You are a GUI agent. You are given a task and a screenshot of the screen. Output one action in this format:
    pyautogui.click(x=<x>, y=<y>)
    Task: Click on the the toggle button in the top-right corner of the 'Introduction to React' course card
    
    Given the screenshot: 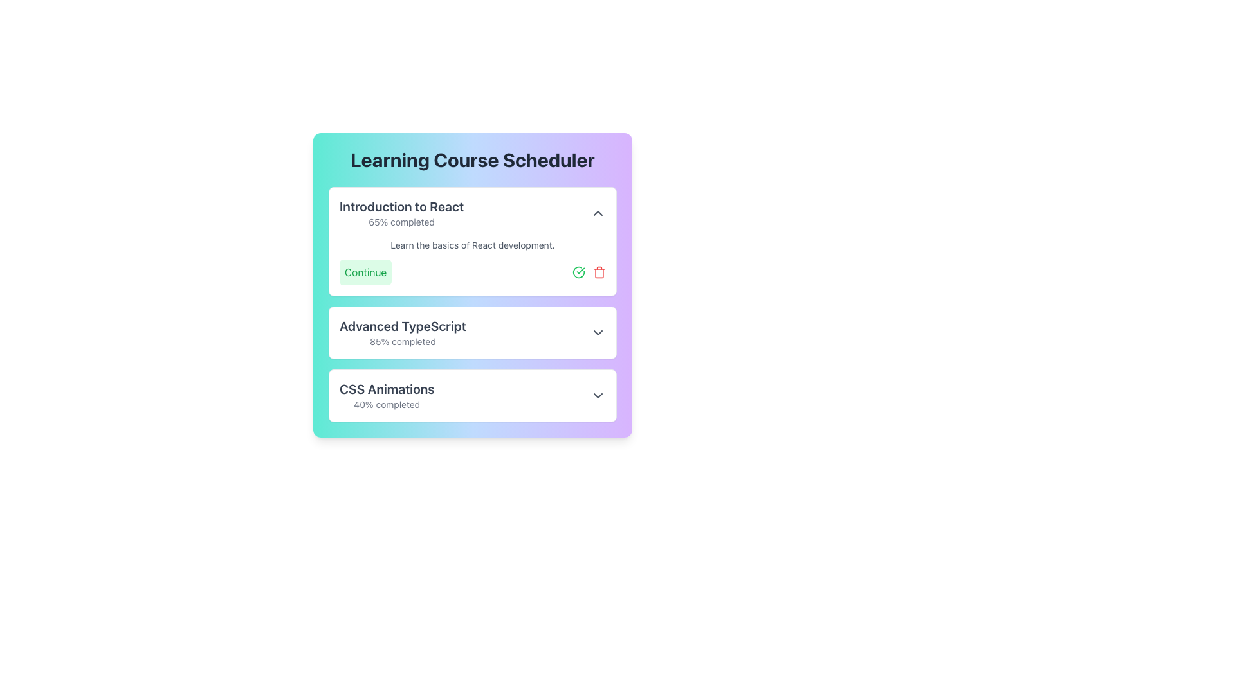 What is the action you would take?
    pyautogui.click(x=598, y=212)
    